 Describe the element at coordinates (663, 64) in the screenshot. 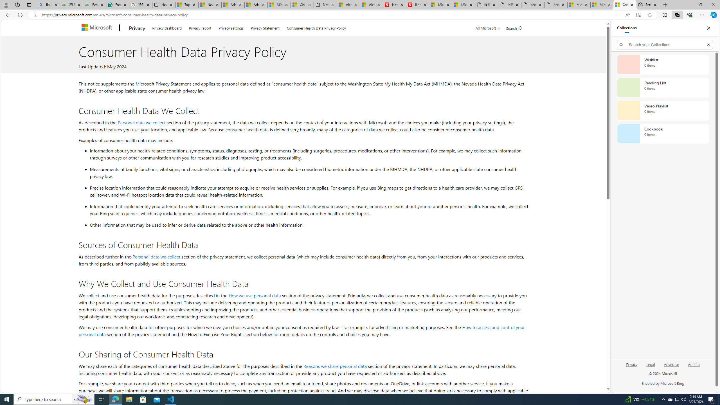

I see `'Wishlist collection, 0 items'` at that location.